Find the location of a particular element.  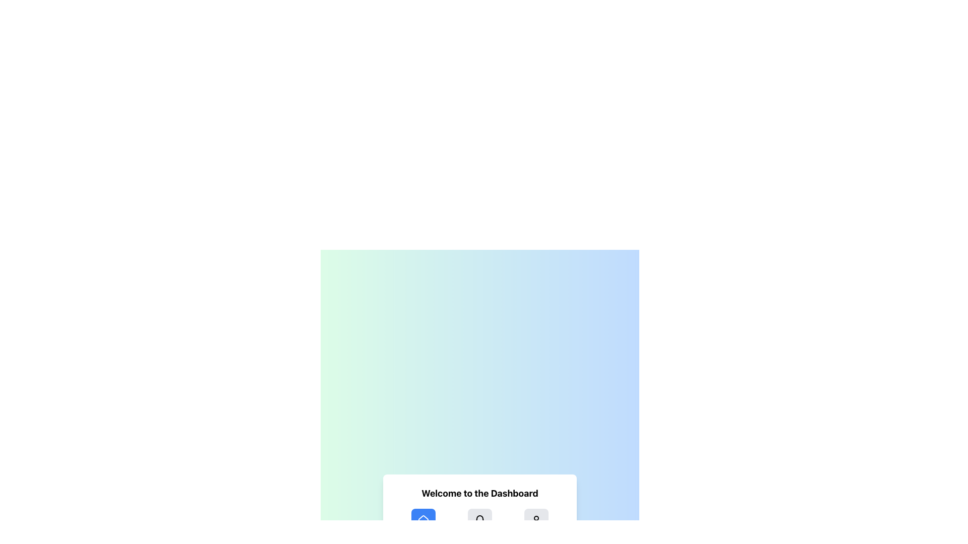

the blue rounded rectangular button with a house icon in the center is located at coordinates (423, 520).